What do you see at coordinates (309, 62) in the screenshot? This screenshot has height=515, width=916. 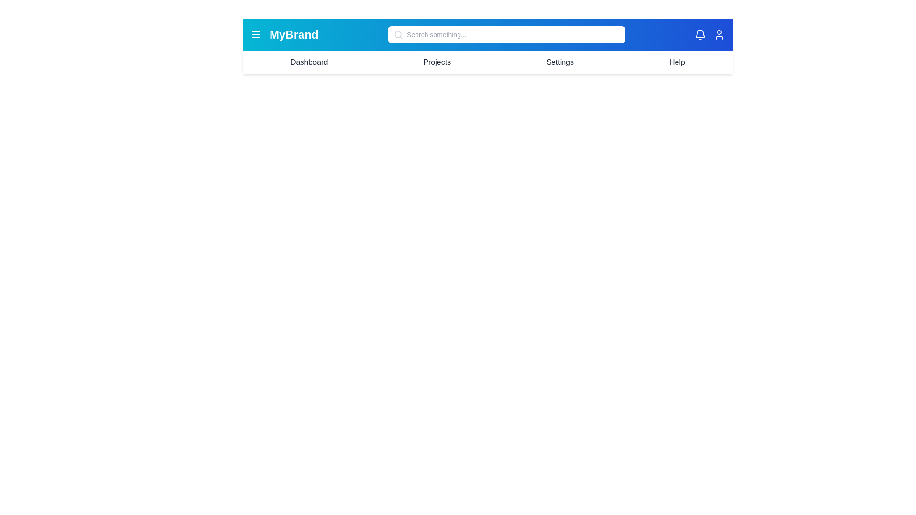 I see `the menu item Dashboard` at bounding box center [309, 62].